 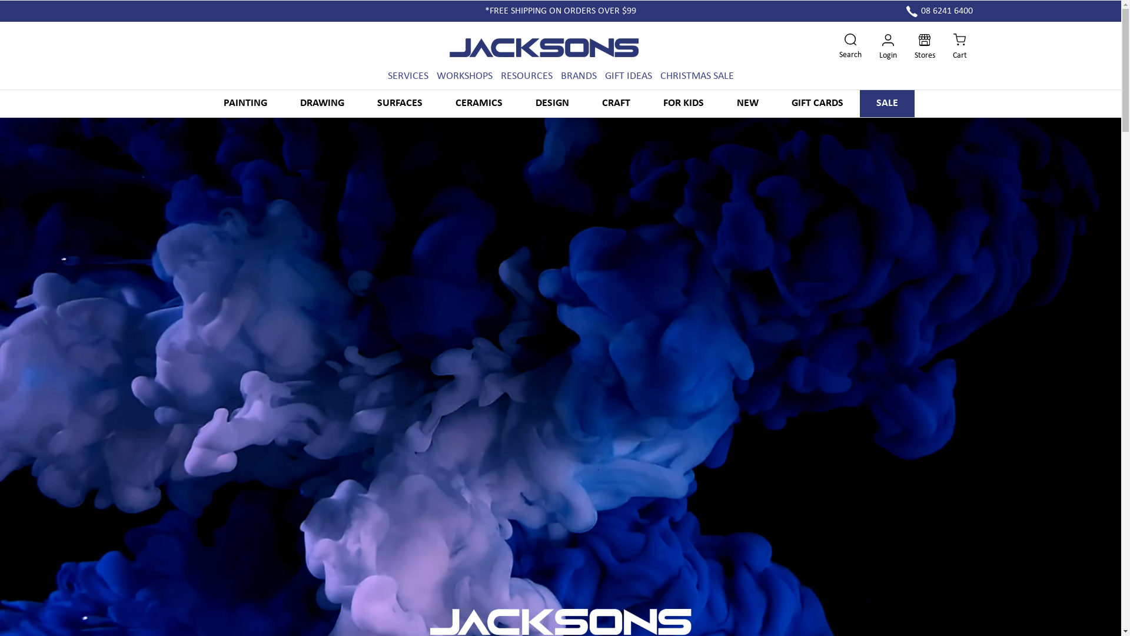 I want to click on 'NEW', so click(x=720, y=103).